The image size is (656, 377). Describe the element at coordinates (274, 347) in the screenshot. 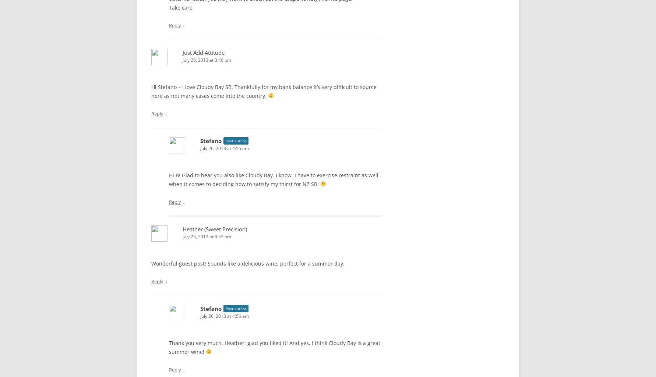

I see `'Thank you very much, Heather: glad you liked it! And yes, I think Cloudy Bay is a great summer wine!'` at that location.